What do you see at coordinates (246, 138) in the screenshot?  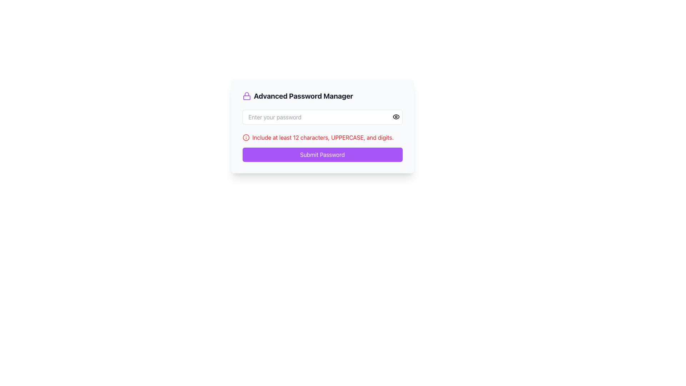 I see `the circular SVG icon located to the left of the warning text that reads 'Include at least 12 characters, UPPERCASE, and digits,' which is displayed in red font` at bounding box center [246, 138].